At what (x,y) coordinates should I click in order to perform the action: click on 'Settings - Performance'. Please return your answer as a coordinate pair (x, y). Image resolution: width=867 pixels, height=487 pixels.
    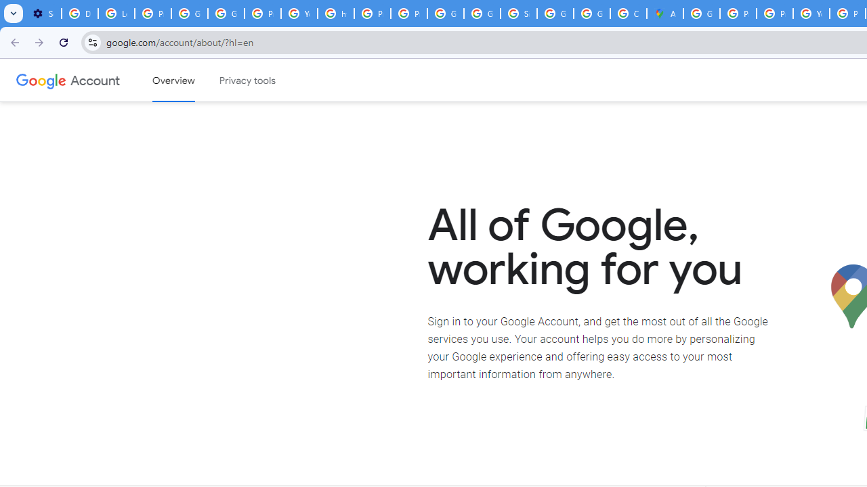
    Looking at the image, I should click on (43, 14).